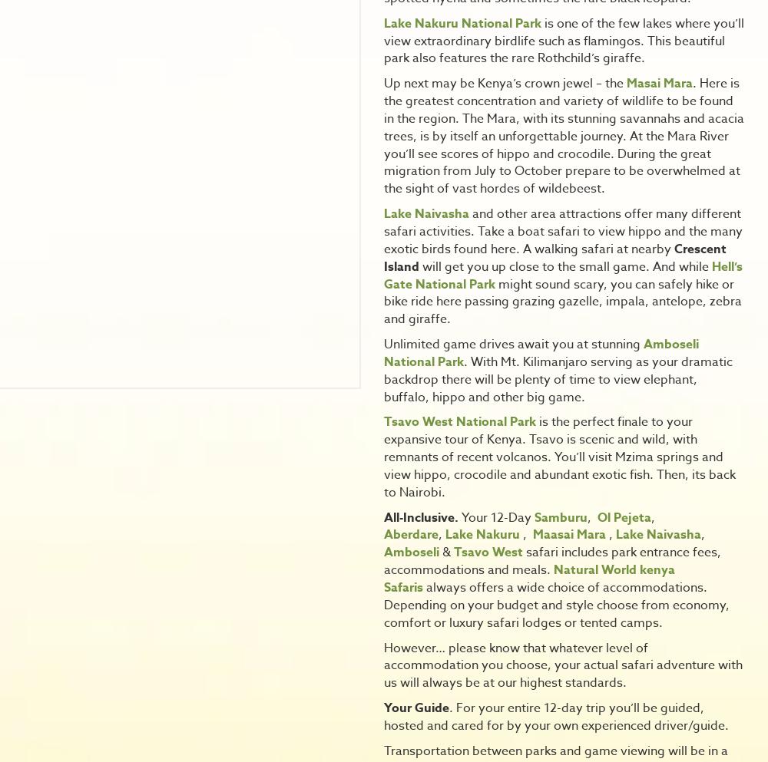 Image resolution: width=768 pixels, height=762 pixels. What do you see at coordinates (551, 561) in the screenshot?
I see `'safari includes park entrance fees, accommodations and meals.'` at bounding box center [551, 561].